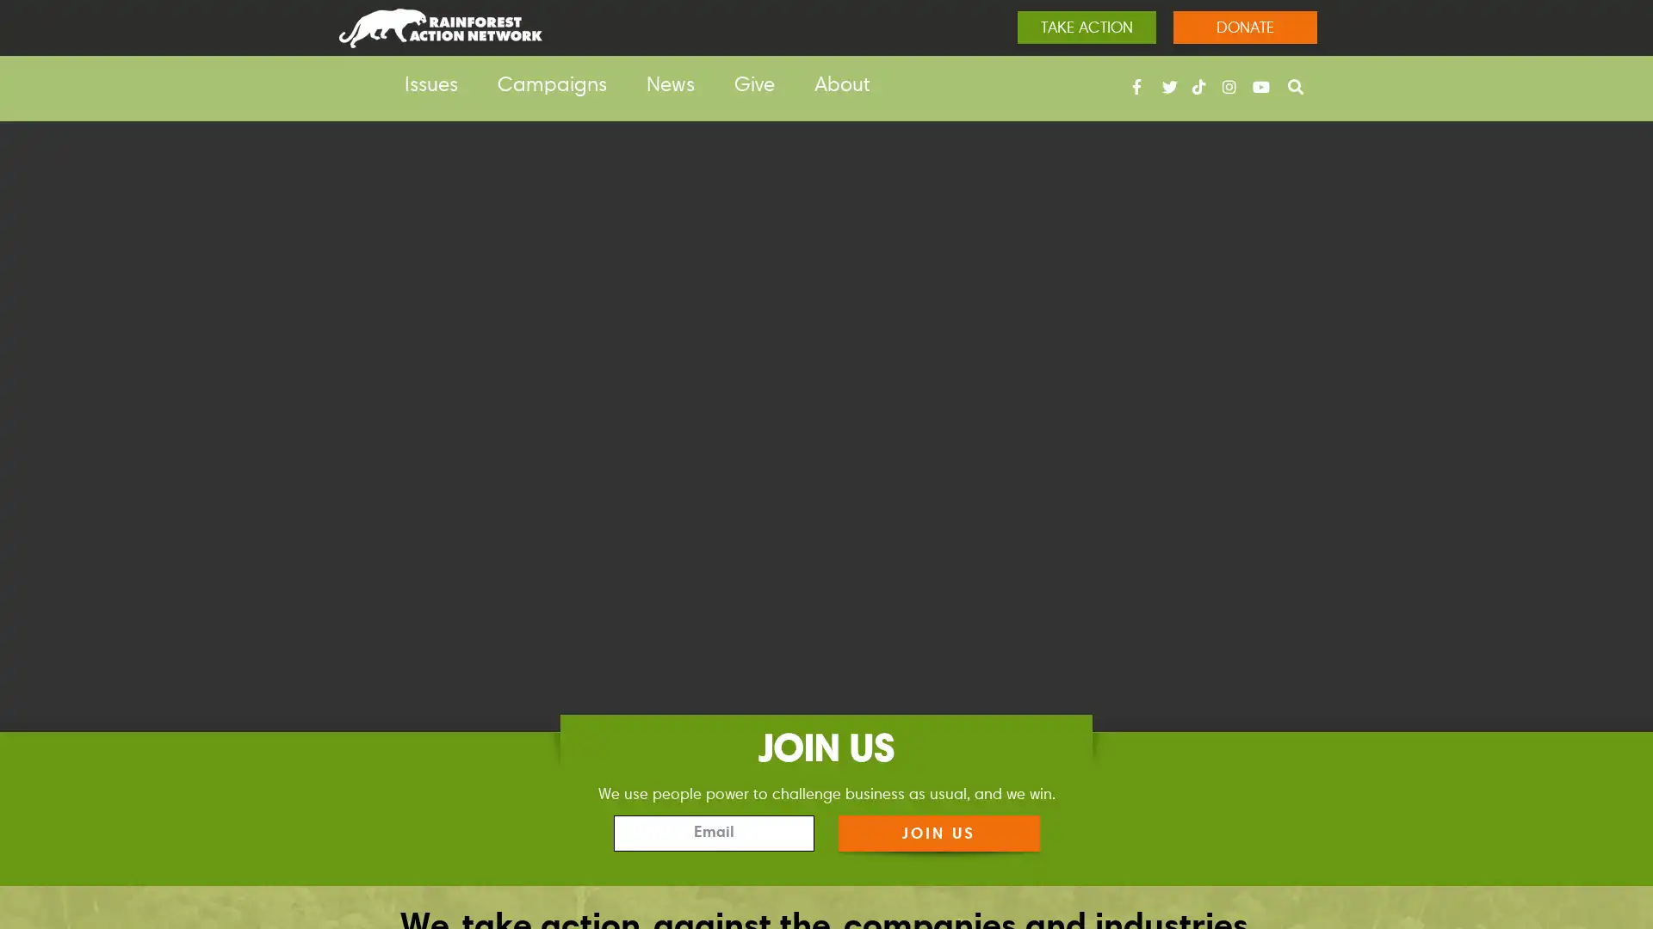 The height and width of the screenshot is (929, 1653). What do you see at coordinates (1611, 838) in the screenshot?
I see `show more media controls` at bounding box center [1611, 838].